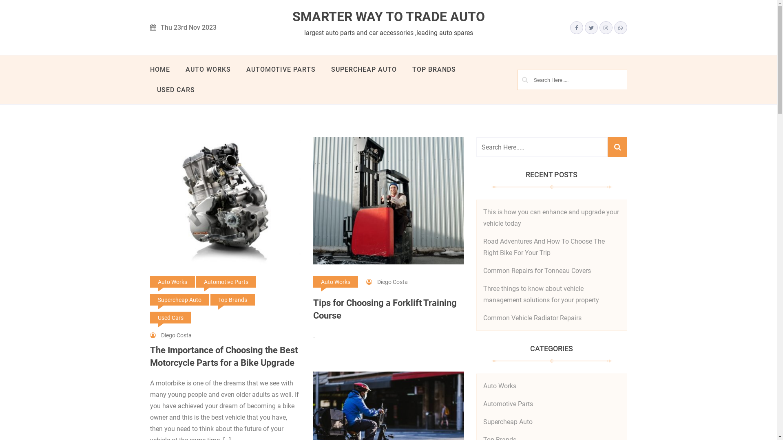 The image size is (783, 440). Describe the element at coordinates (387, 281) in the screenshot. I see `'Diego Costa'` at that location.